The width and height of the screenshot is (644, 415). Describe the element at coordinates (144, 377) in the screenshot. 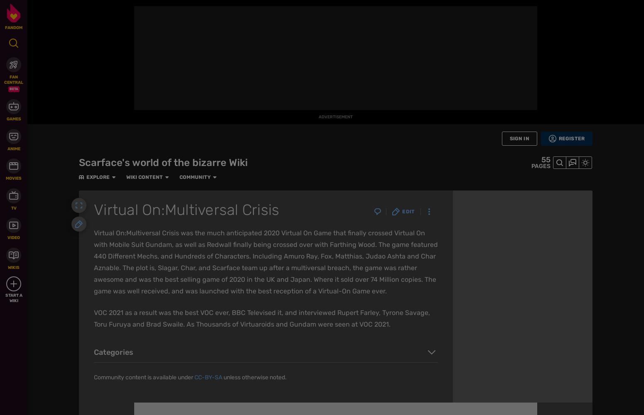

I see `'Community content is available under'` at that location.